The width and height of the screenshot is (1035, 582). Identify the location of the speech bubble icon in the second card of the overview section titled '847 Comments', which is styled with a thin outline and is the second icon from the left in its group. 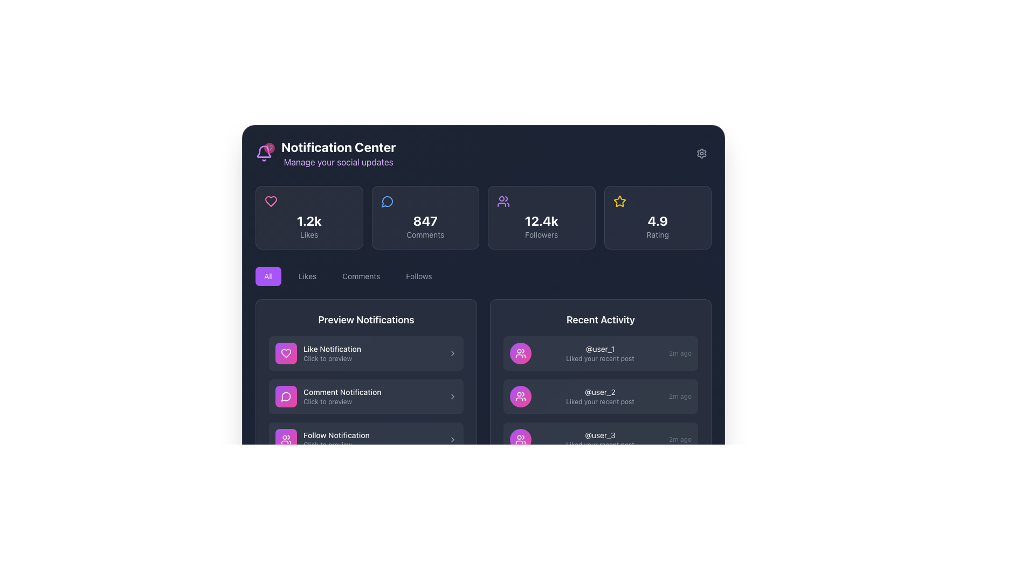
(387, 202).